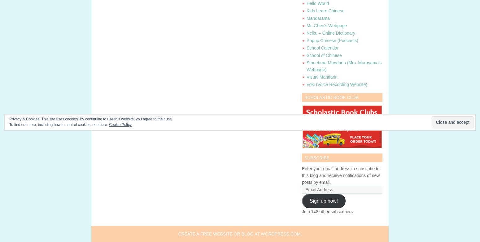 The image size is (480, 242). Describe the element at coordinates (344, 66) in the screenshot. I see `'Stonebrae Mandarin (Mrs. Murayama's Webpage)'` at that location.